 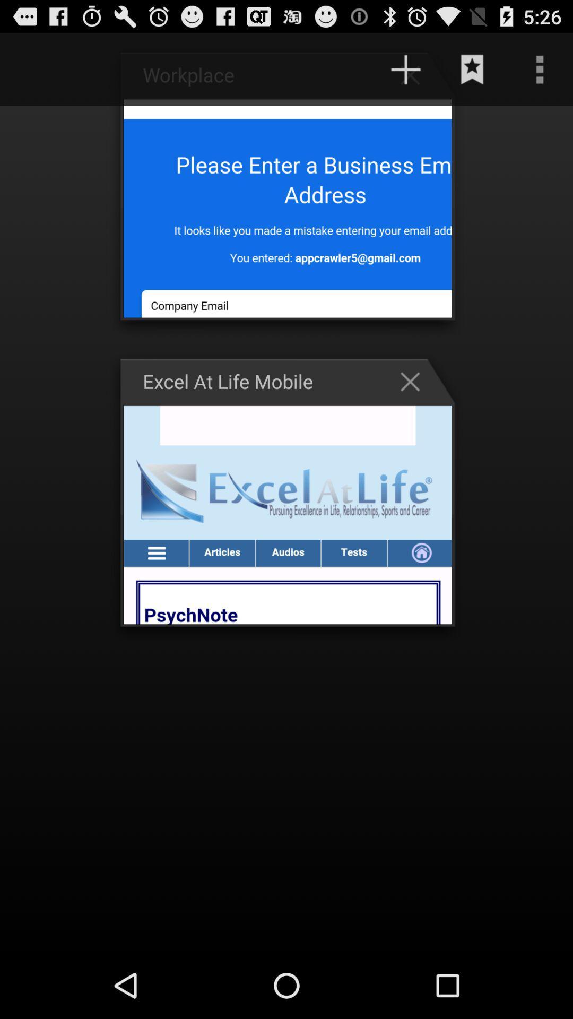 What do you see at coordinates (415, 79) in the screenshot?
I see `the add icon` at bounding box center [415, 79].